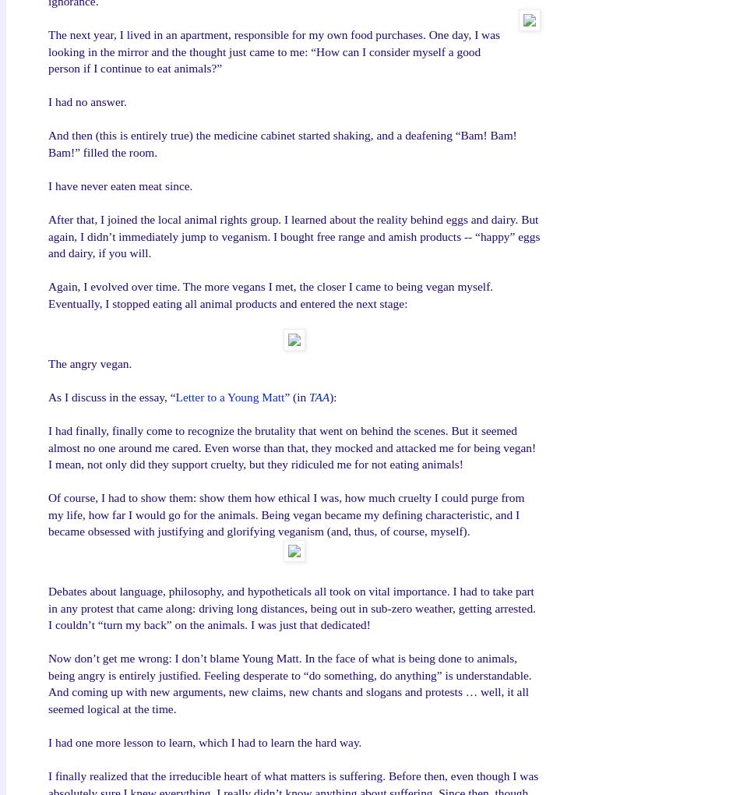  What do you see at coordinates (111, 396) in the screenshot?
I see `'As I discuss in the essay, “'` at bounding box center [111, 396].